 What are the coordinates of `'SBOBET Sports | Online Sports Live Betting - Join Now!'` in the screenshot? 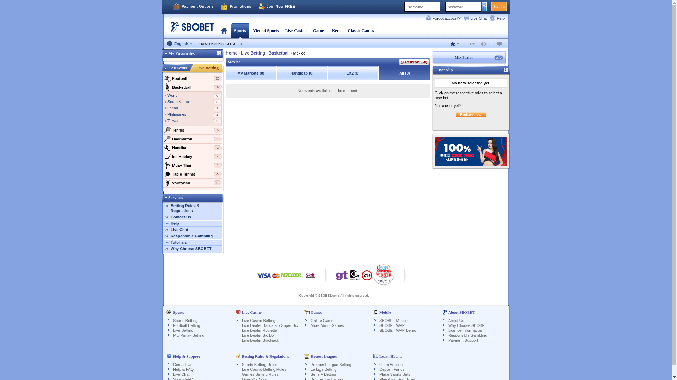 It's located at (190, 29).